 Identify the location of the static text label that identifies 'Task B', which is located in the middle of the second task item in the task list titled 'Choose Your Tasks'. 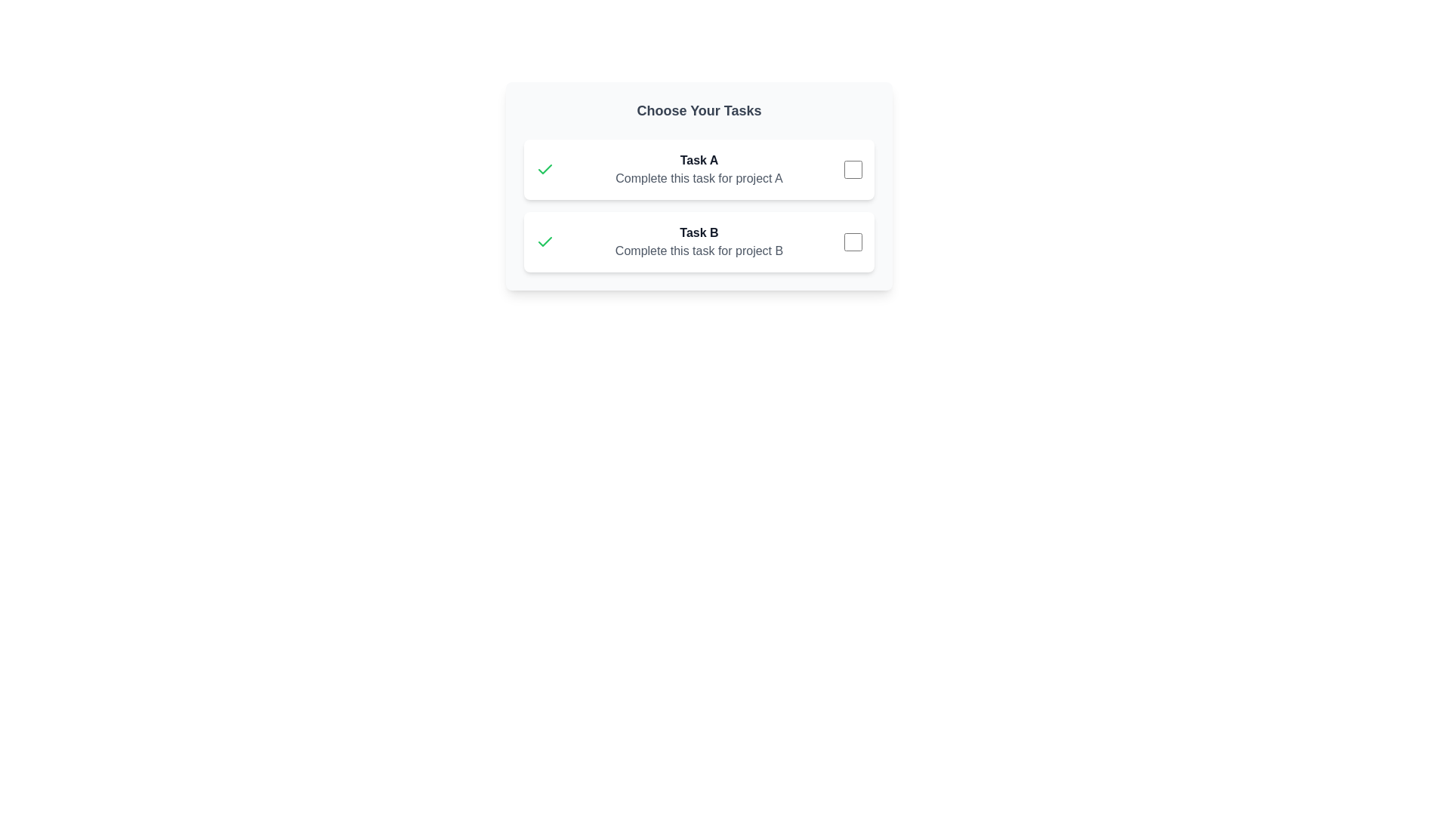
(699, 232).